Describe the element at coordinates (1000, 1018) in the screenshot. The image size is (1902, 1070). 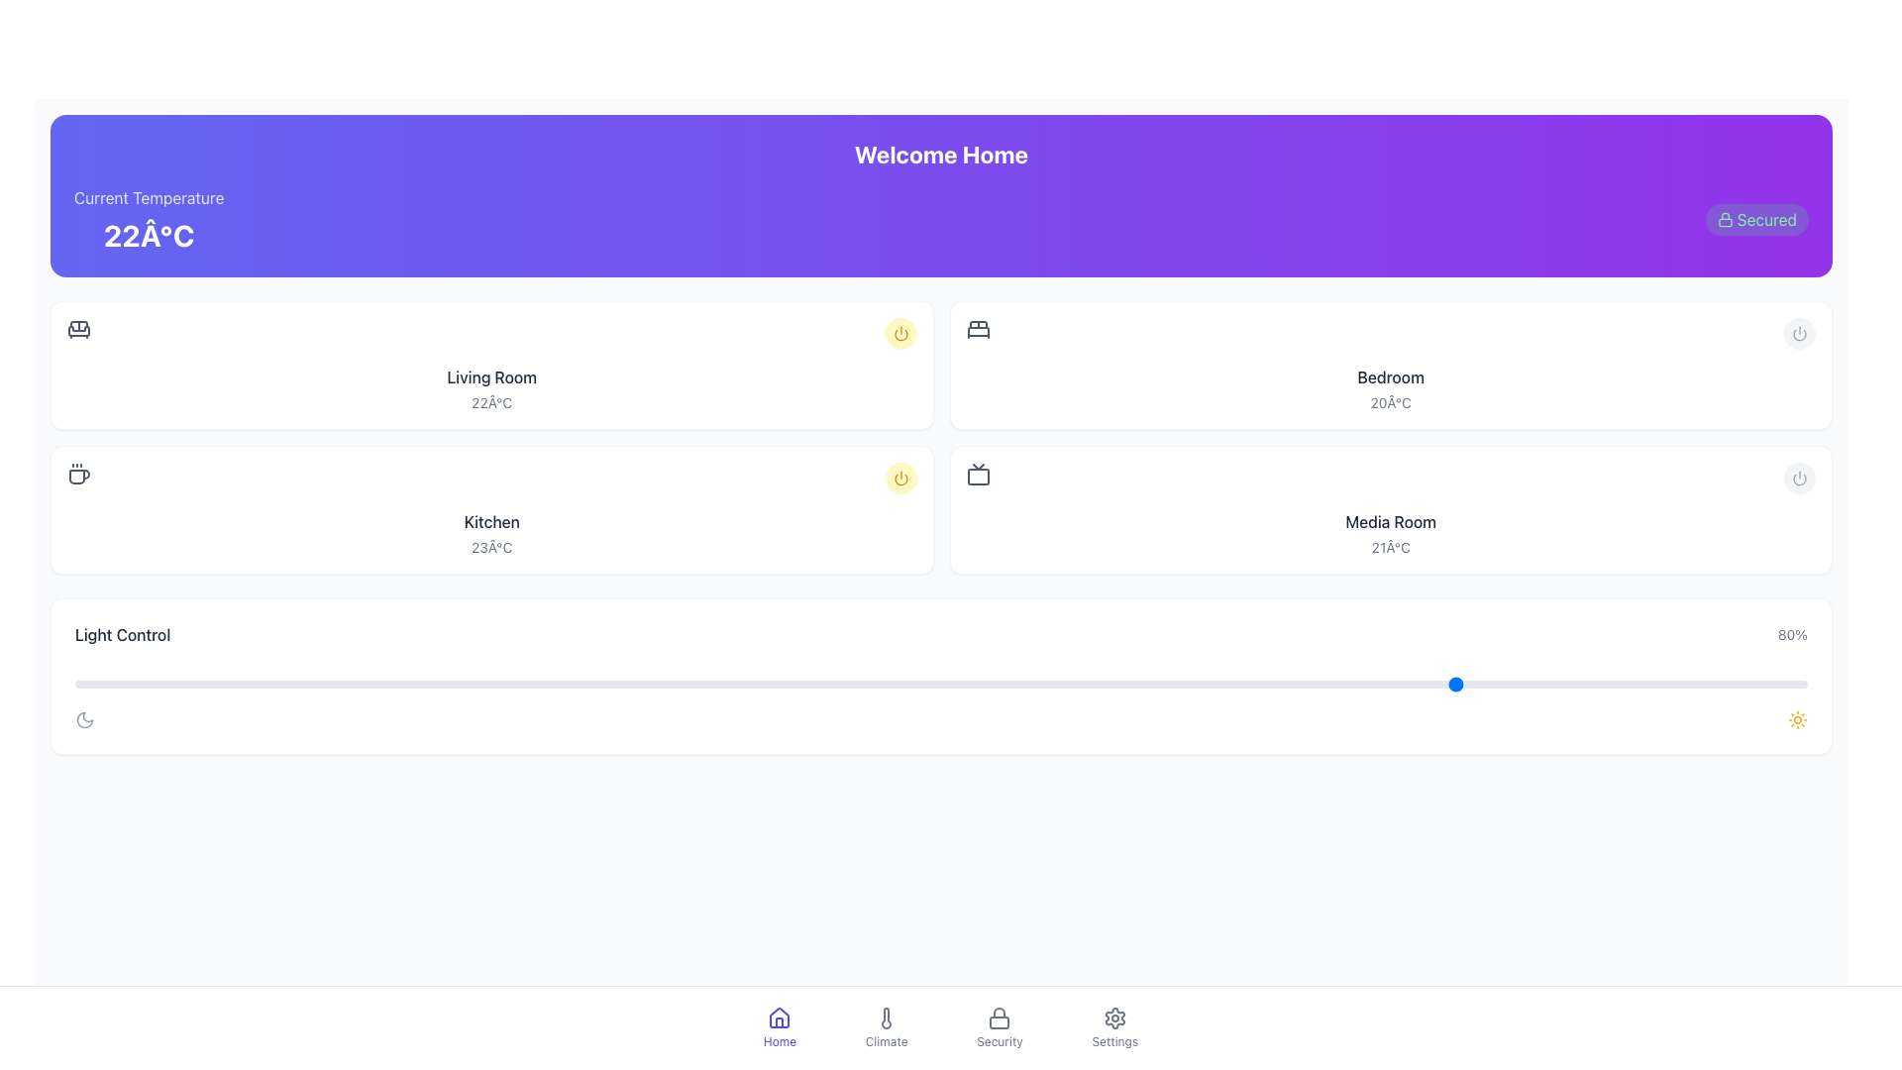
I see `the lock icon in the middle of the 'Security' menu option in the bottom navigation bar` at that location.